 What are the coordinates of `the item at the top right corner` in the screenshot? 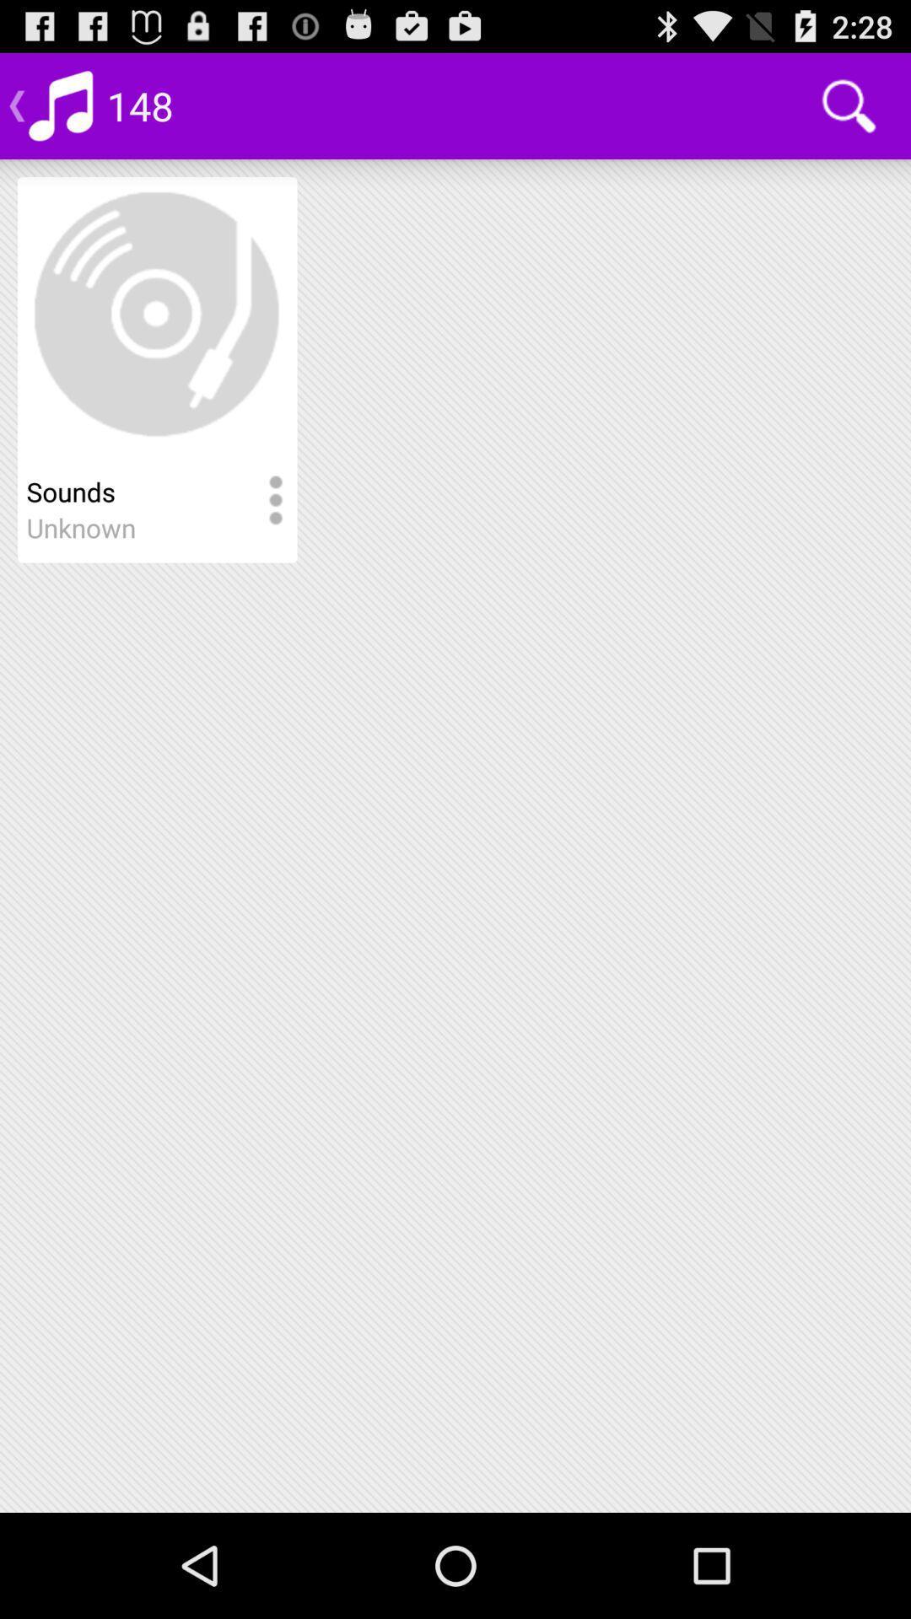 It's located at (849, 105).